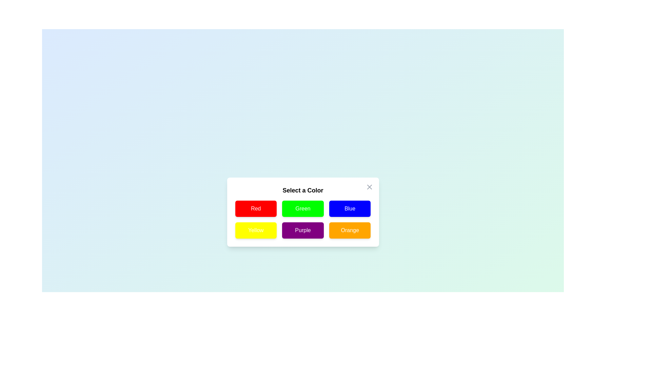 The height and width of the screenshot is (366, 651). What do you see at coordinates (302, 230) in the screenshot?
I see `the button corresponding to the color Purple` at bounding box center [302, 230].